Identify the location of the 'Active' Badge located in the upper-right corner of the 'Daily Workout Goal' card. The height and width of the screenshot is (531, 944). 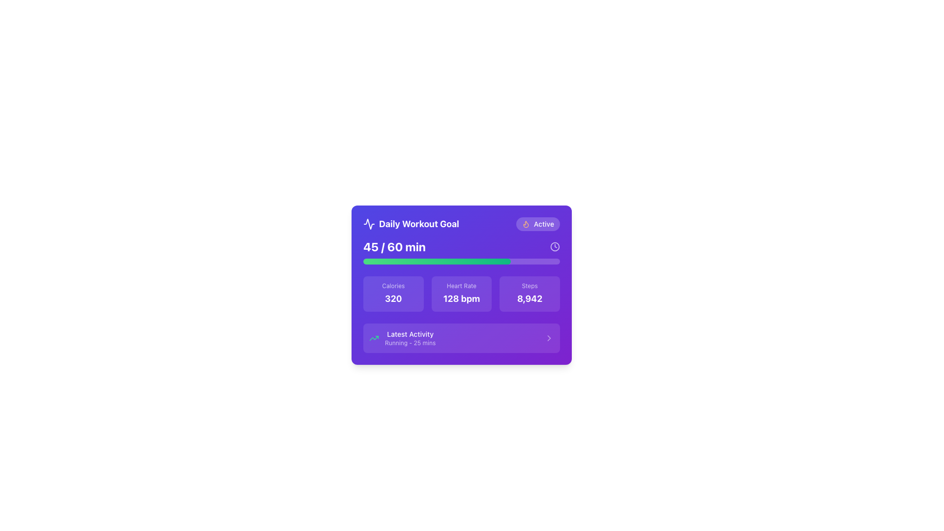
(537, 224).